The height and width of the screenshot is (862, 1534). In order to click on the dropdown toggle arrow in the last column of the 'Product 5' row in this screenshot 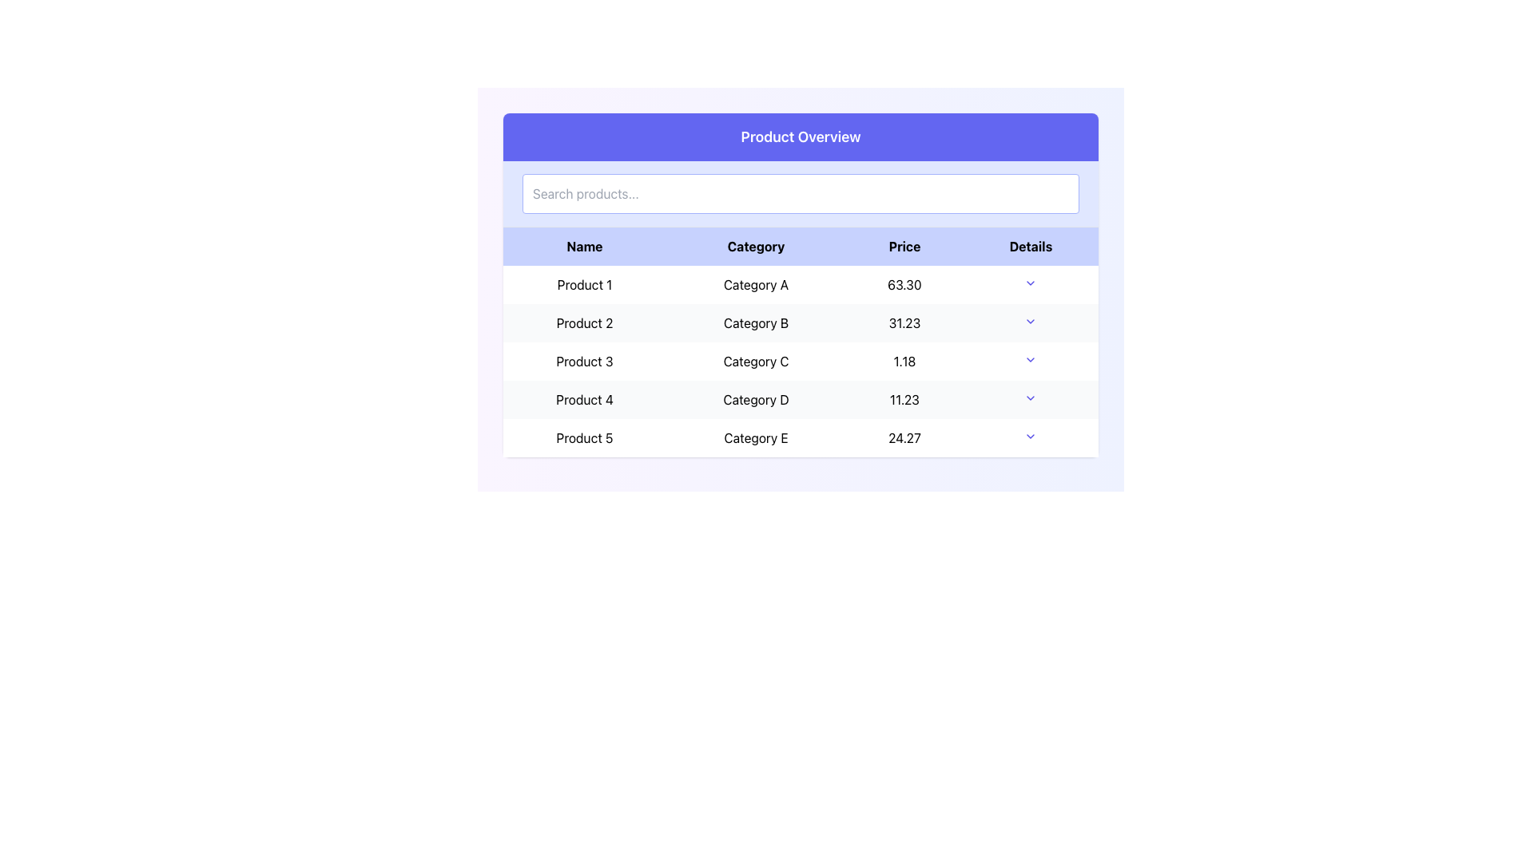, I will do `click(1031, 437)`.